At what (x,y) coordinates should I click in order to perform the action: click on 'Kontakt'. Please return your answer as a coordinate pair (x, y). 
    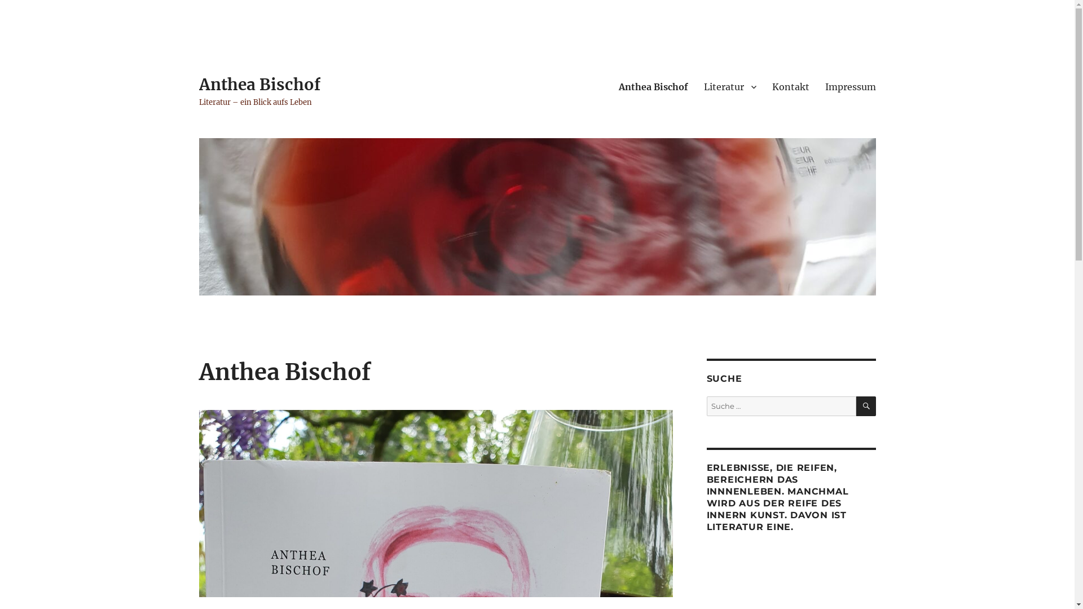
    Looking at the image, I should click on (790, 86).